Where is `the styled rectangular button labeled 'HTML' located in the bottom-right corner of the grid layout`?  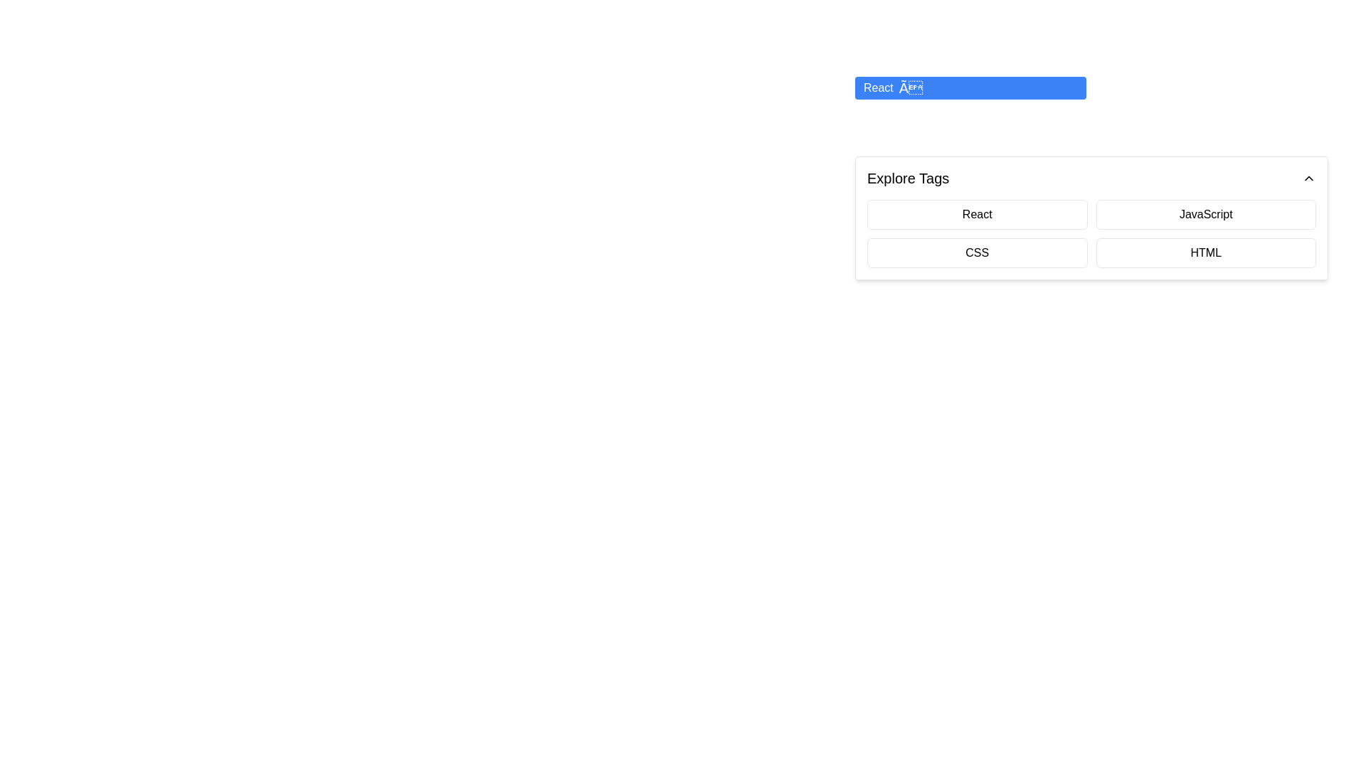 the styled rectangular button labeled 'HTML' located in the bottom-right corner of the grid layout is located at coordinates (1205, 252).